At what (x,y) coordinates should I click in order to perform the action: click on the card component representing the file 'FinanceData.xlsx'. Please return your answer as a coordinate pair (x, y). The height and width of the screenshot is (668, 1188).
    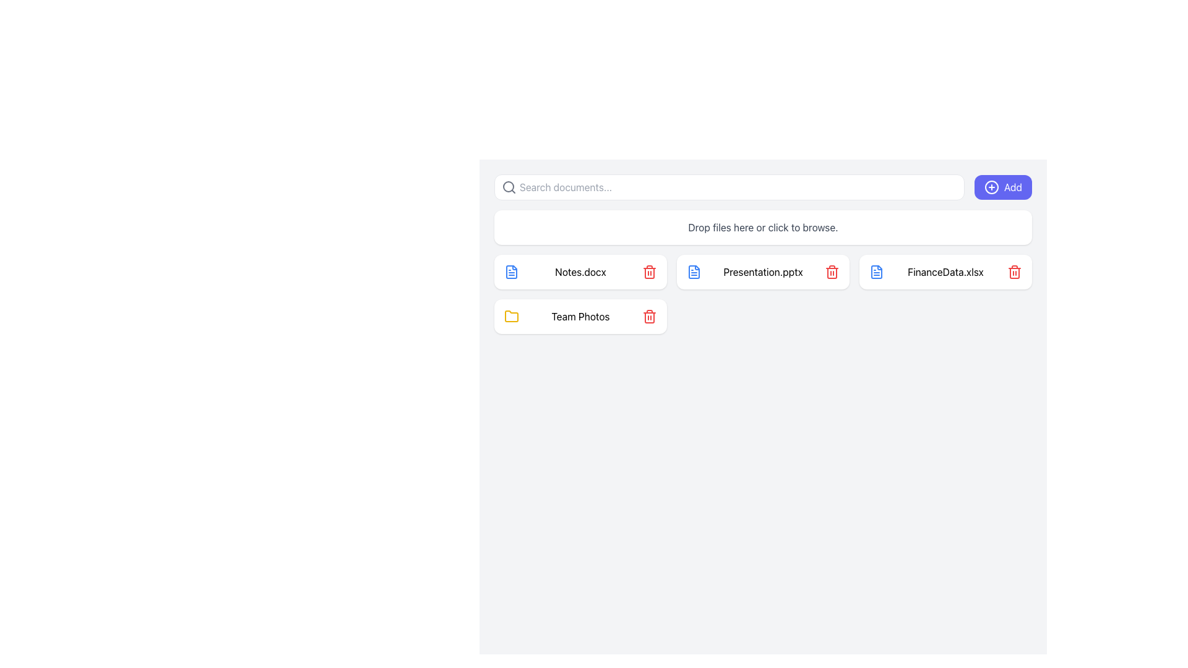
    Looking at the image, I should click on (945, 271).